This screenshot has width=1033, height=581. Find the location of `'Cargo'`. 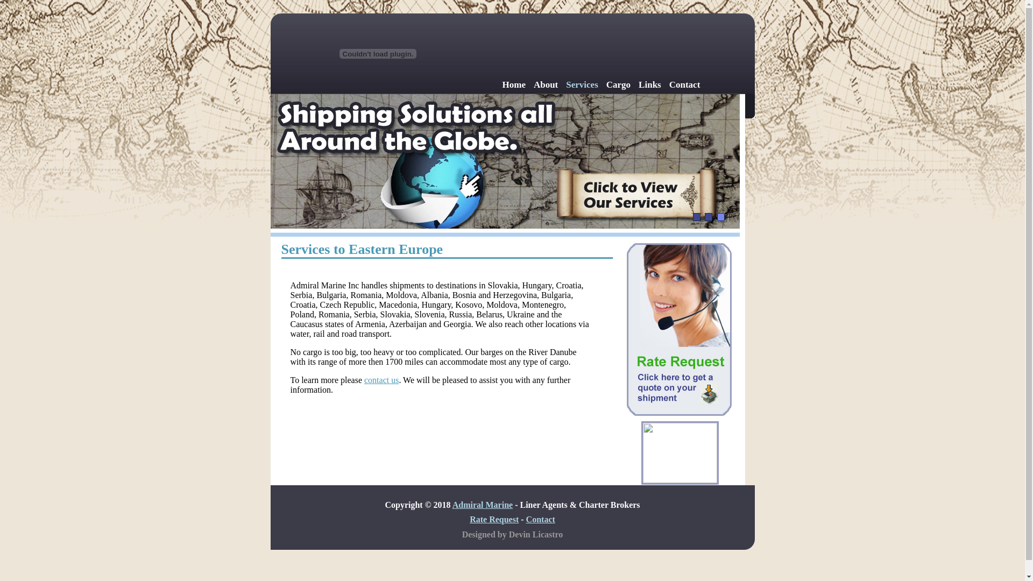

'Cargo' is located at coordinates (606, 84).